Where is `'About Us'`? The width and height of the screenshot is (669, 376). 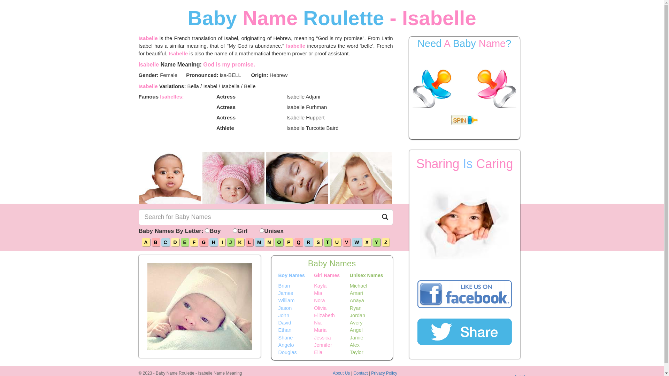
'About Us' is located at coordinates (341, 373).